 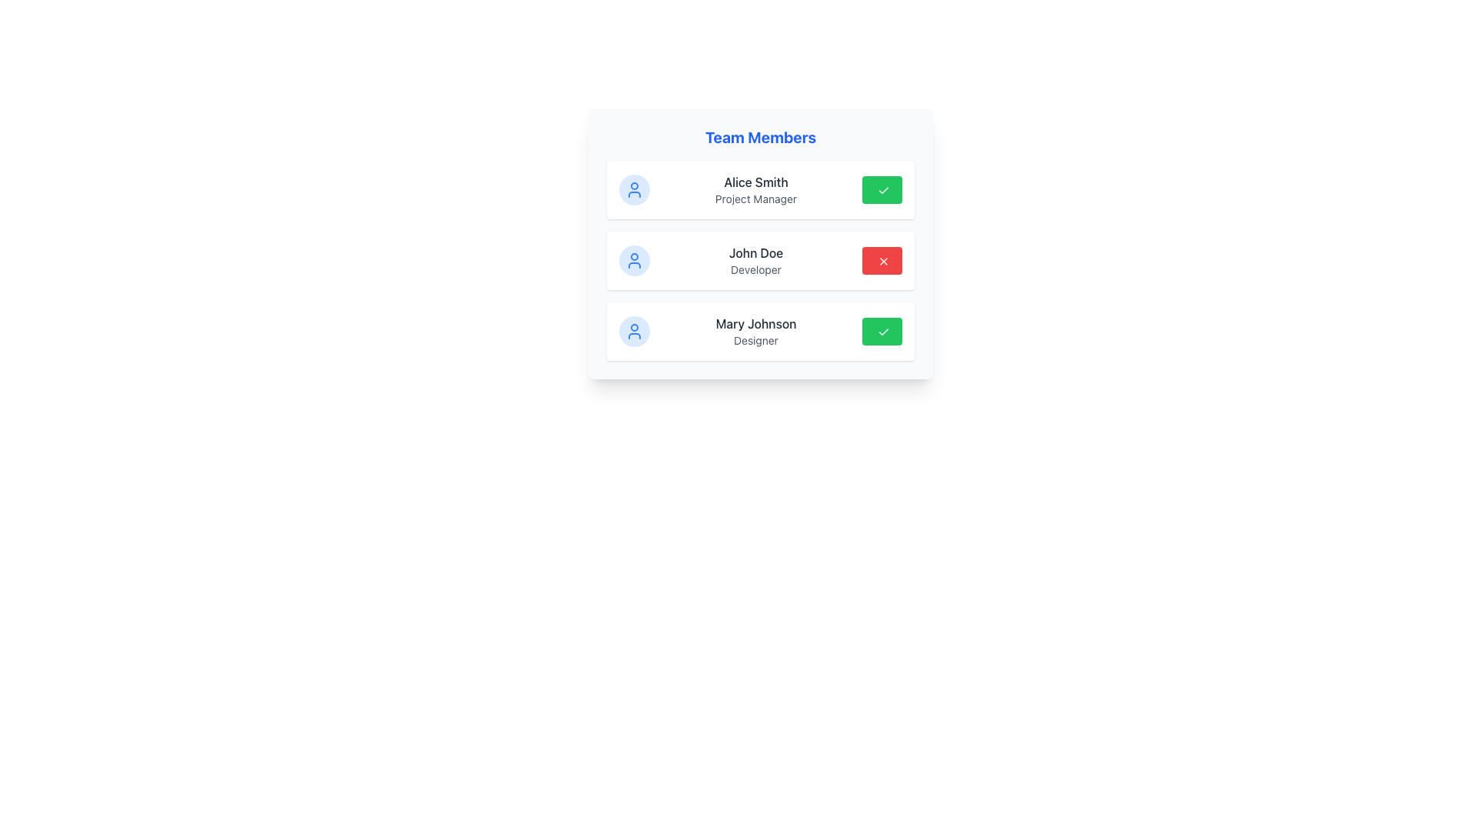 I want to click on the blue circular icon featuring a user silhouette, which is located within the card for 'John Doe', a Developer, positioned on the left side above the name and role text, so click(x=635, y=260).